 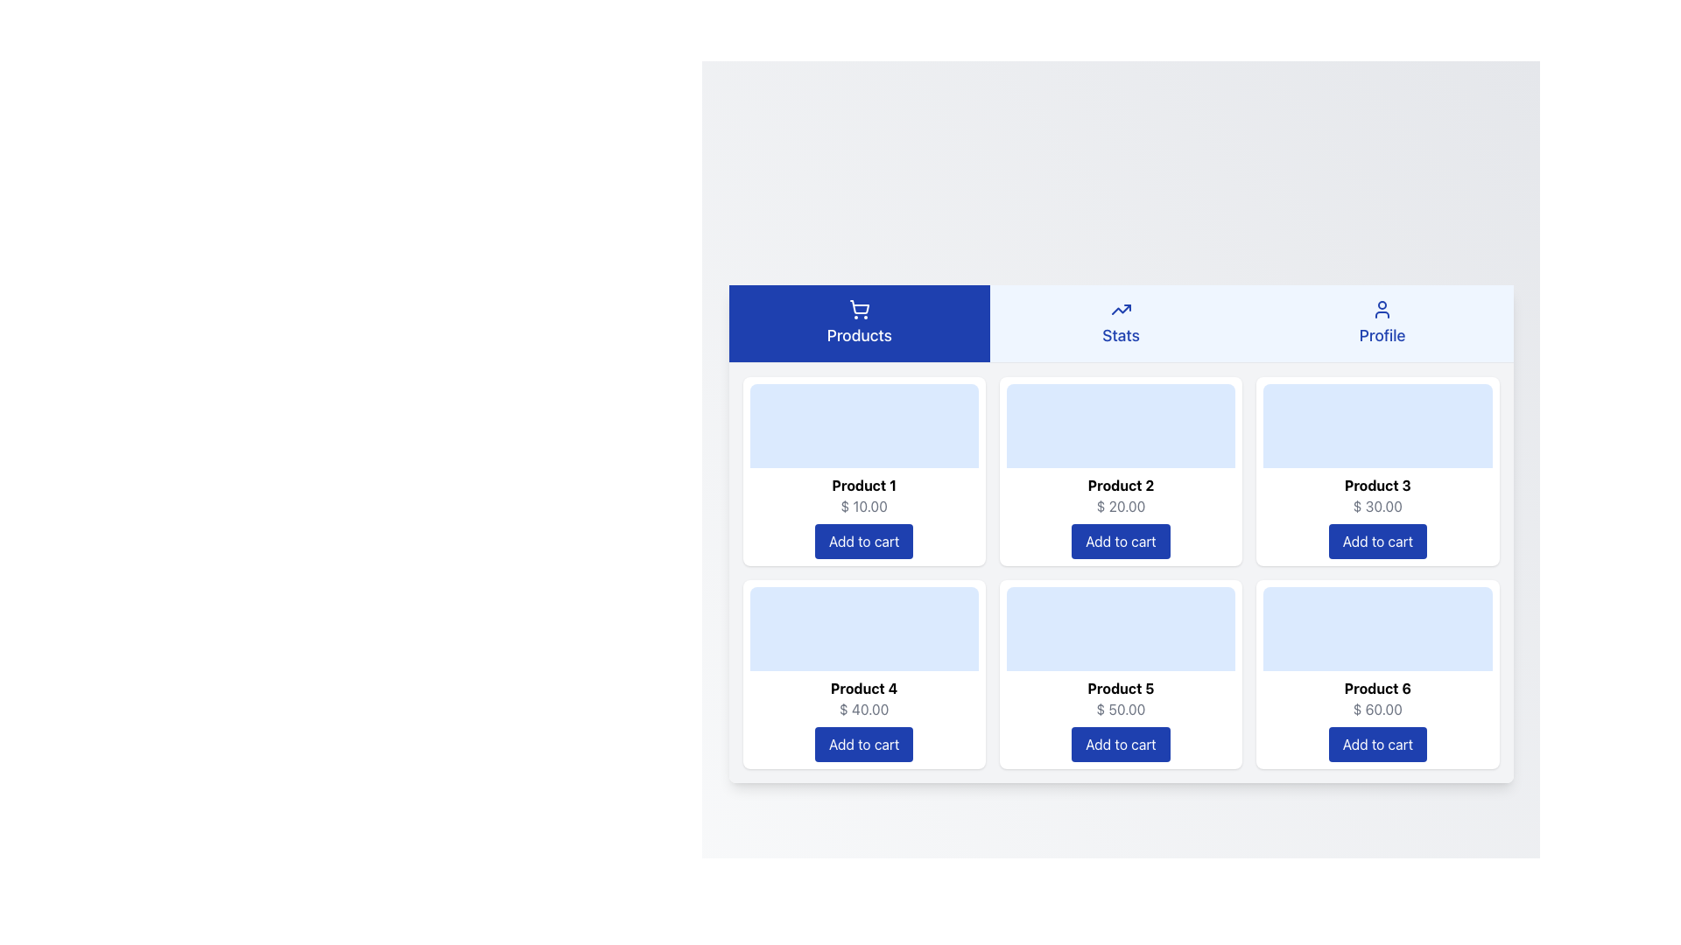 What do you see at coordinates (864, 709) in the screenshot?
I see `the price display for 'Product 4', which is centrally located beneath the product name and above the 'Add to cart' button in the product grid` at bounding box center [864, 709].